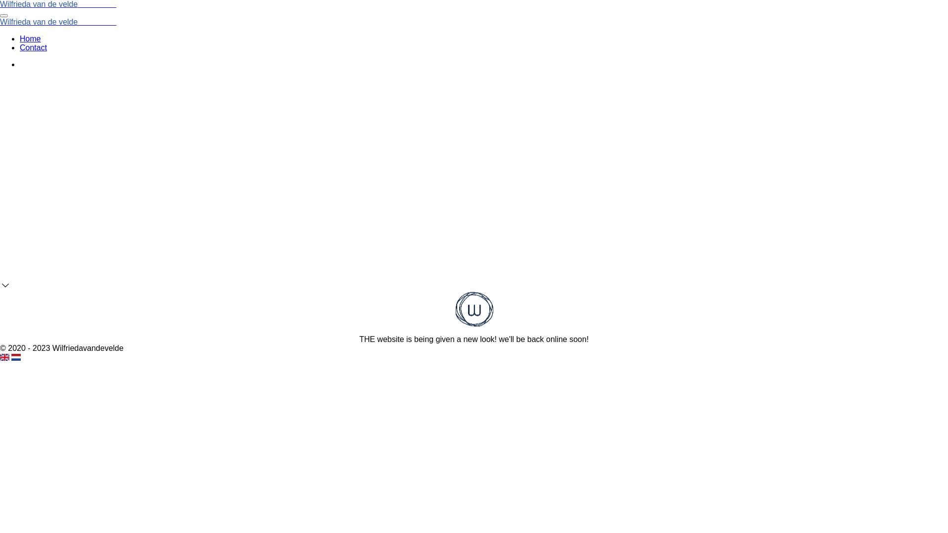  I want to click on 'Wilfrieda van de velden De Velde', so click(0, 4).